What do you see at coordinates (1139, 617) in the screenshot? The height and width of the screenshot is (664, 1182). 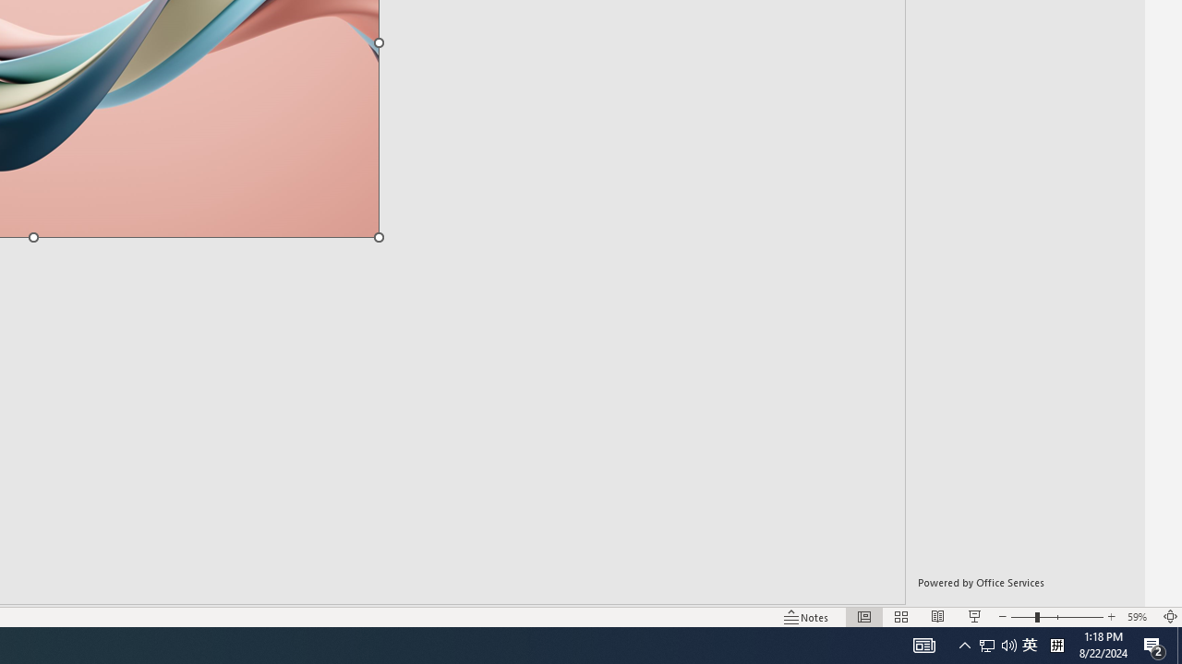 I see `'Zoom 59%'` at bounding box center [1139, 617].